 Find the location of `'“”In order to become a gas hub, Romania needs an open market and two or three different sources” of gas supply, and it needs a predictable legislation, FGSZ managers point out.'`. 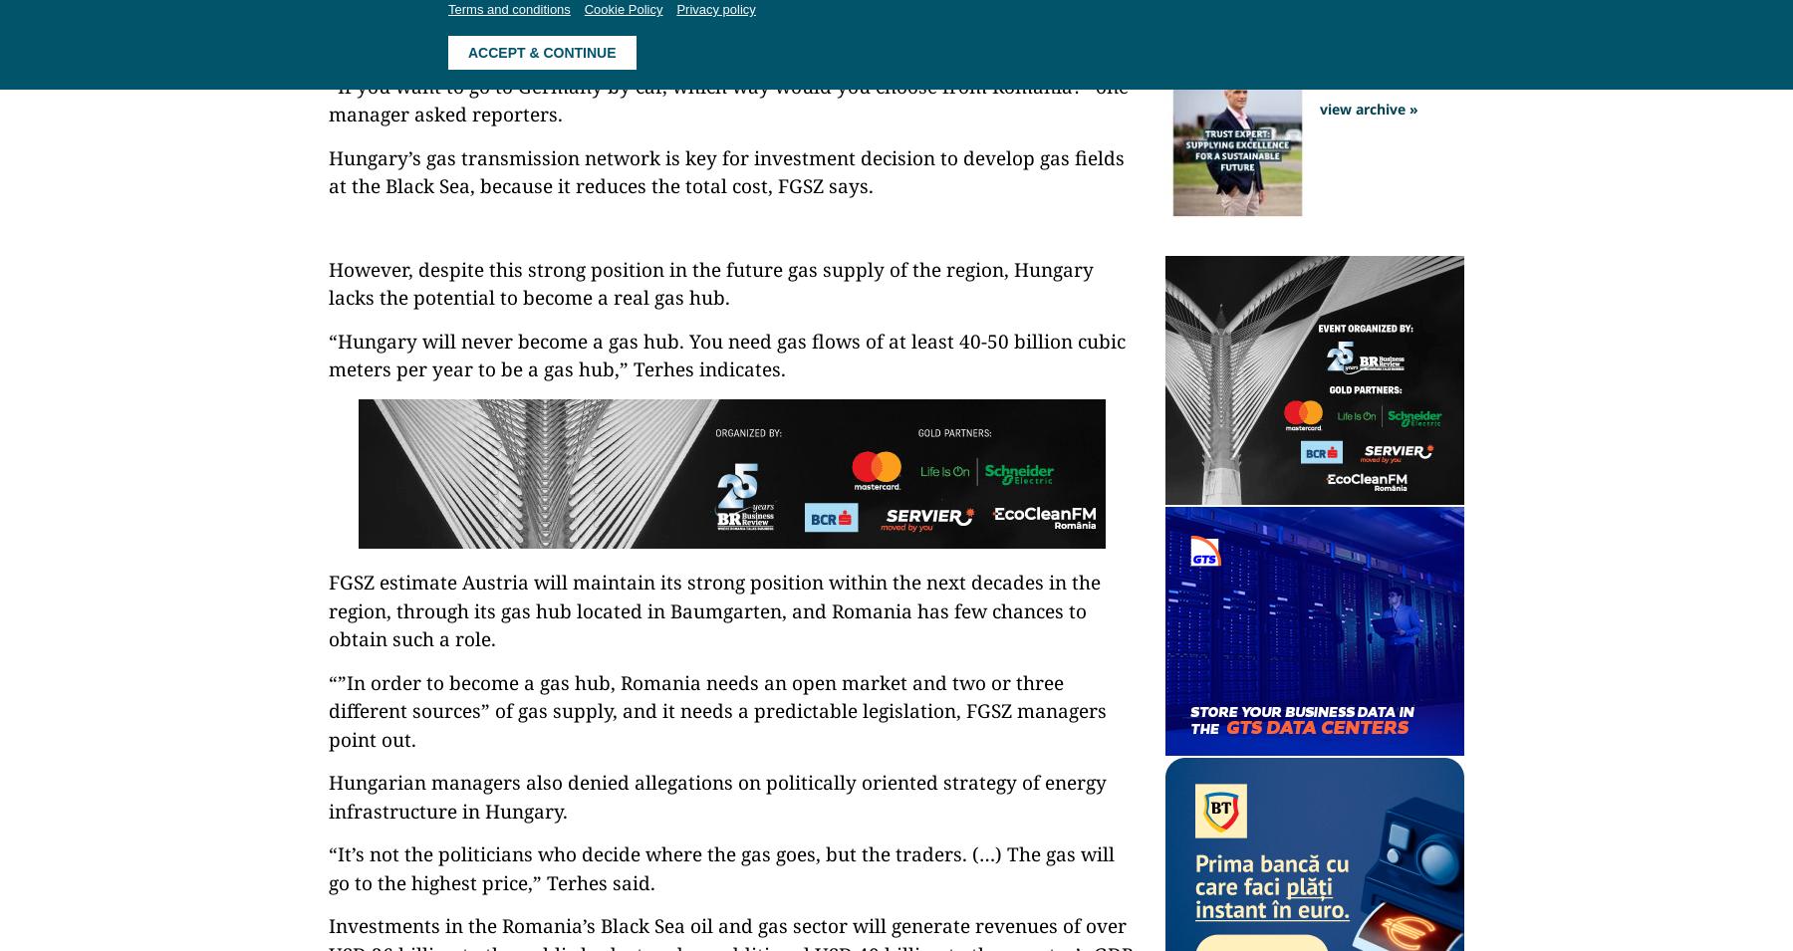

'“”In order to become a gas hub, Romania needs an open market and two or three different sources” of gas supply, and it needs a predictable legislation, FGSZ managers point out.' is located at coordinates (716, 709).